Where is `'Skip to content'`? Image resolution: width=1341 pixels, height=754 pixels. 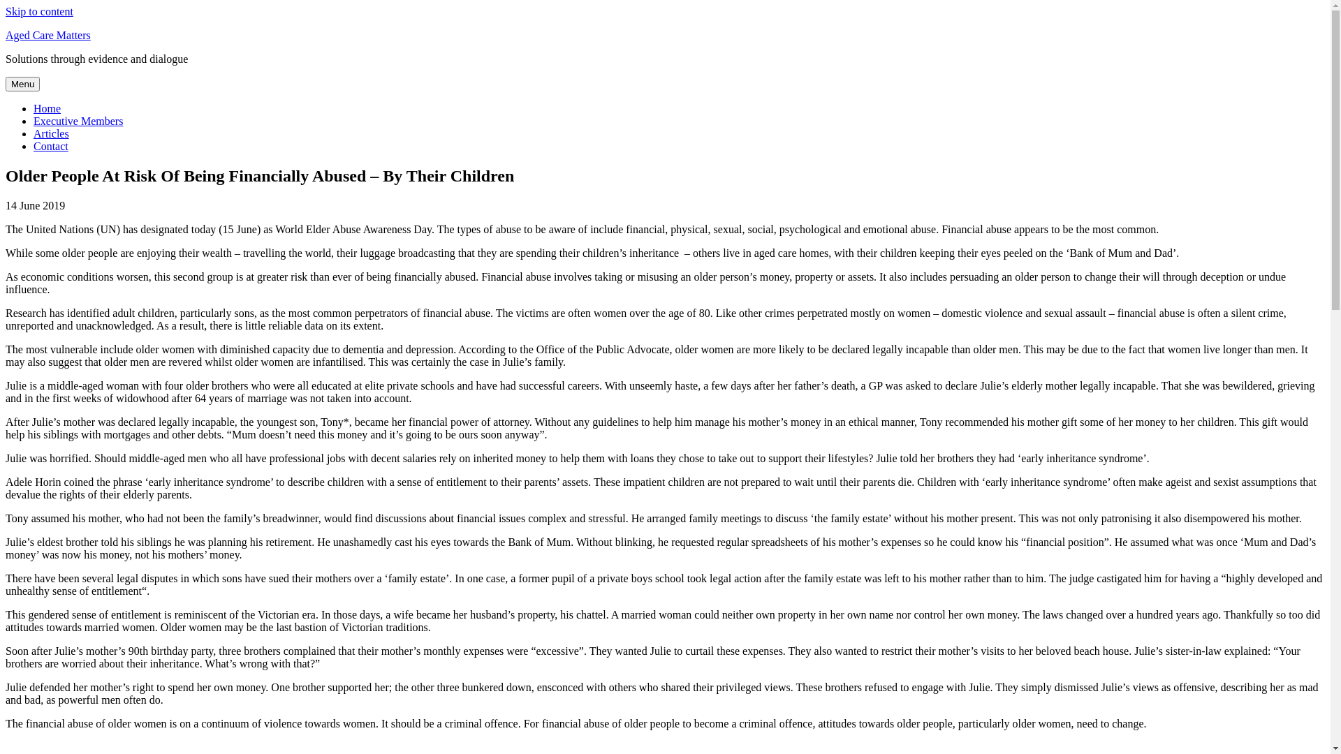 'Skip to content' is located at coordinates (39, 11).